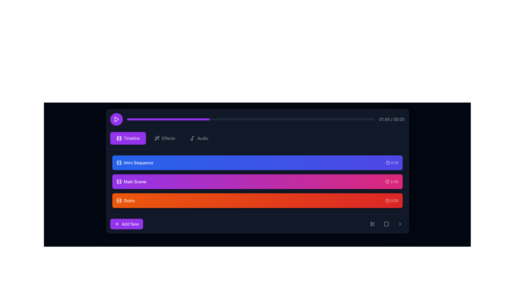  What do you see at coordinates (257, 181) in the screenshot?
I see `the interactive block labeled 'Main Scene', which is the second block in the vertical layout` at bounding box center [257, 181].